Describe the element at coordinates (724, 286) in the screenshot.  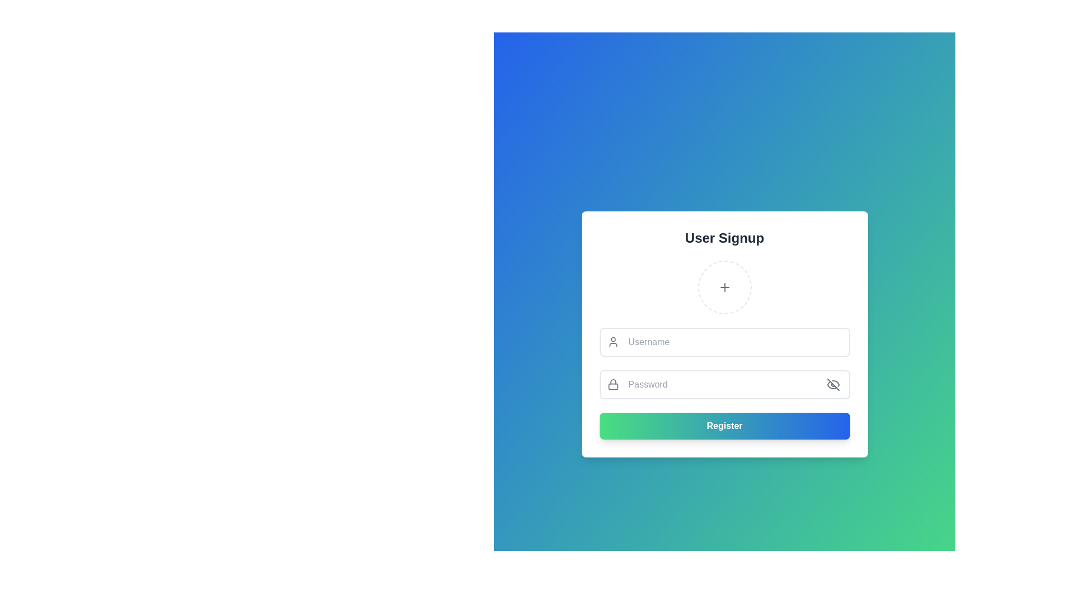
I see `the circular 'plus' icon with a light gray color and dashed outline` at that location.